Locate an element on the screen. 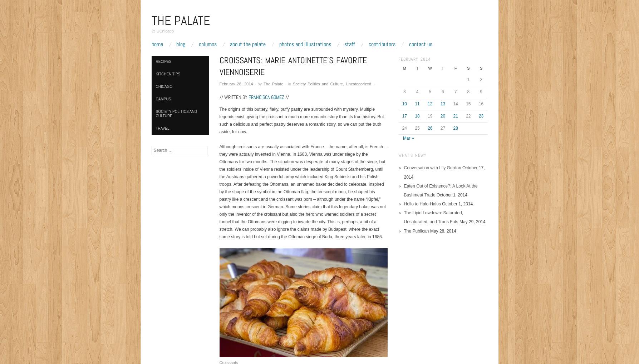 The image size is (639, 364). '4' is located at coordinates (417, 91).